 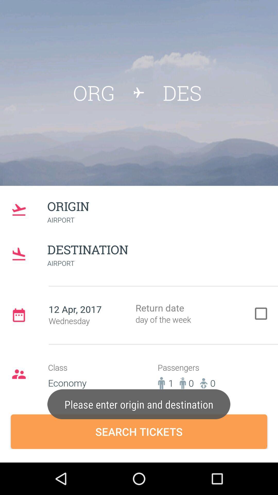 I want to click on the text field of passengers, so click(x=196, y=378).